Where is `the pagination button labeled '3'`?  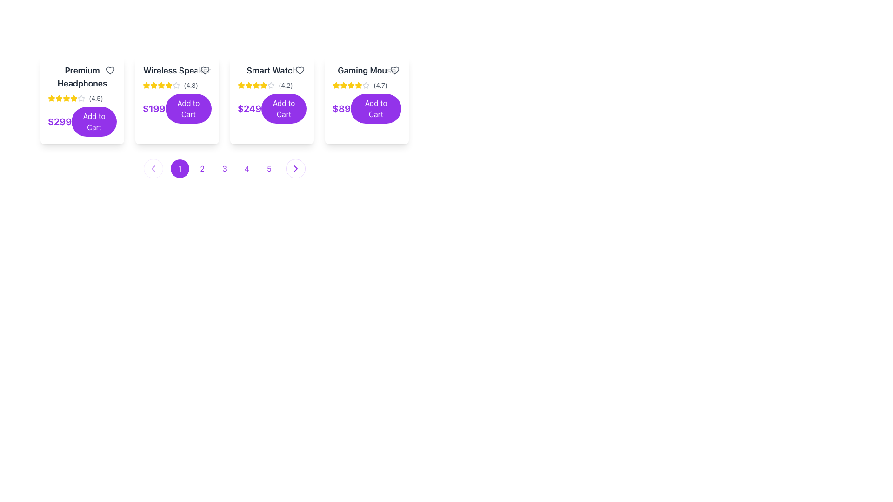 the pagination button labeled '3' is located at coordinates (225, 168).